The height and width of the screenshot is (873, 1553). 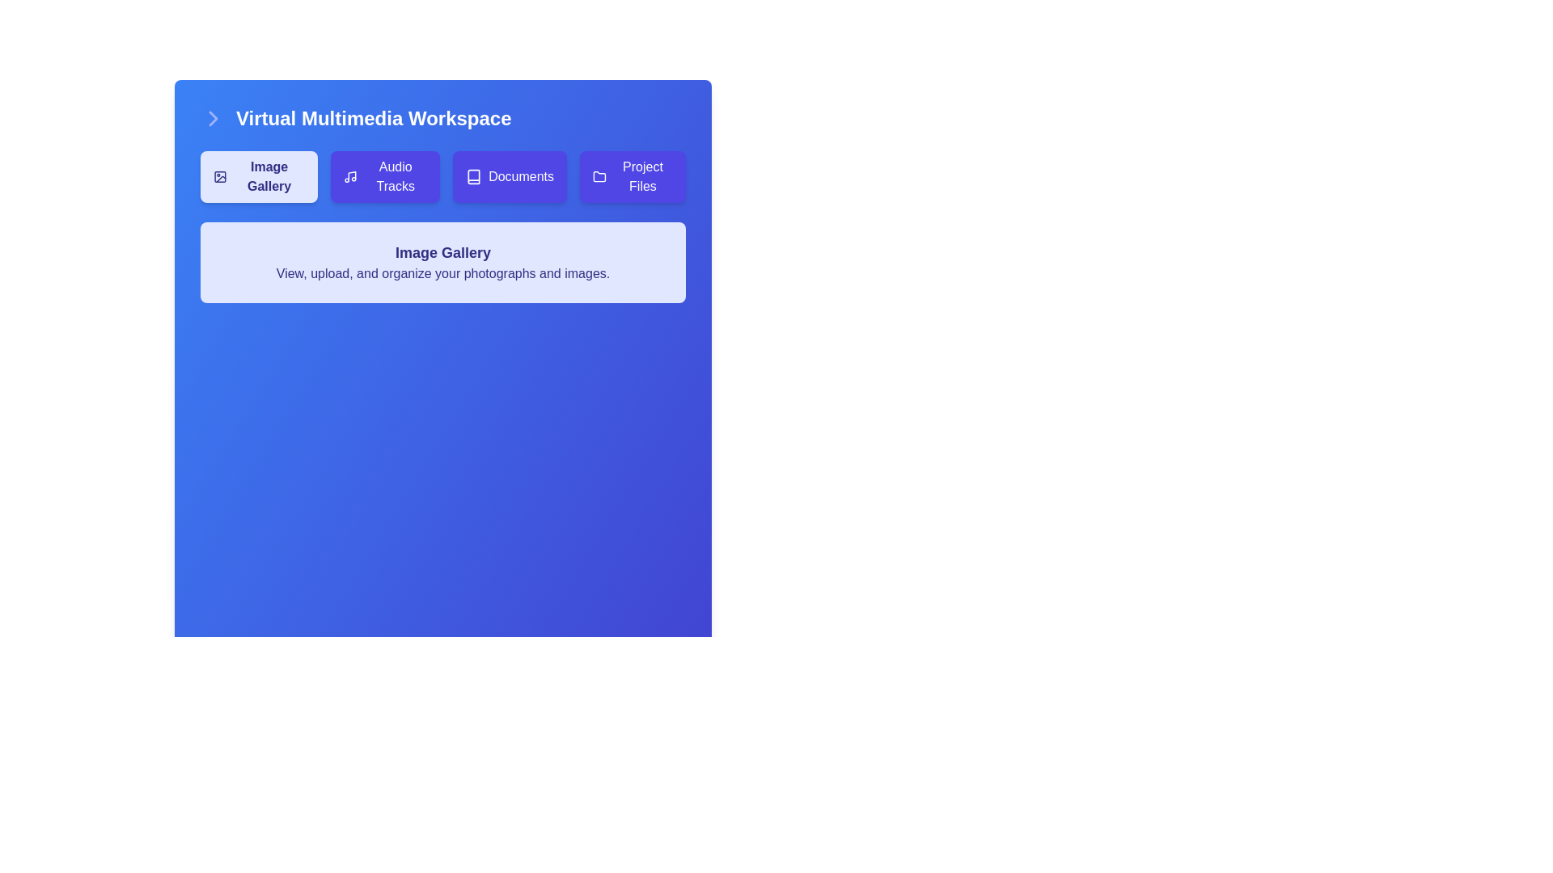 I want to click on the audio tracks icon located within the purple rectangular button labeled 'Audio Tracks', which is the second button from the left in a horizontal row of buttons near the top, so click(x=351, y=175).